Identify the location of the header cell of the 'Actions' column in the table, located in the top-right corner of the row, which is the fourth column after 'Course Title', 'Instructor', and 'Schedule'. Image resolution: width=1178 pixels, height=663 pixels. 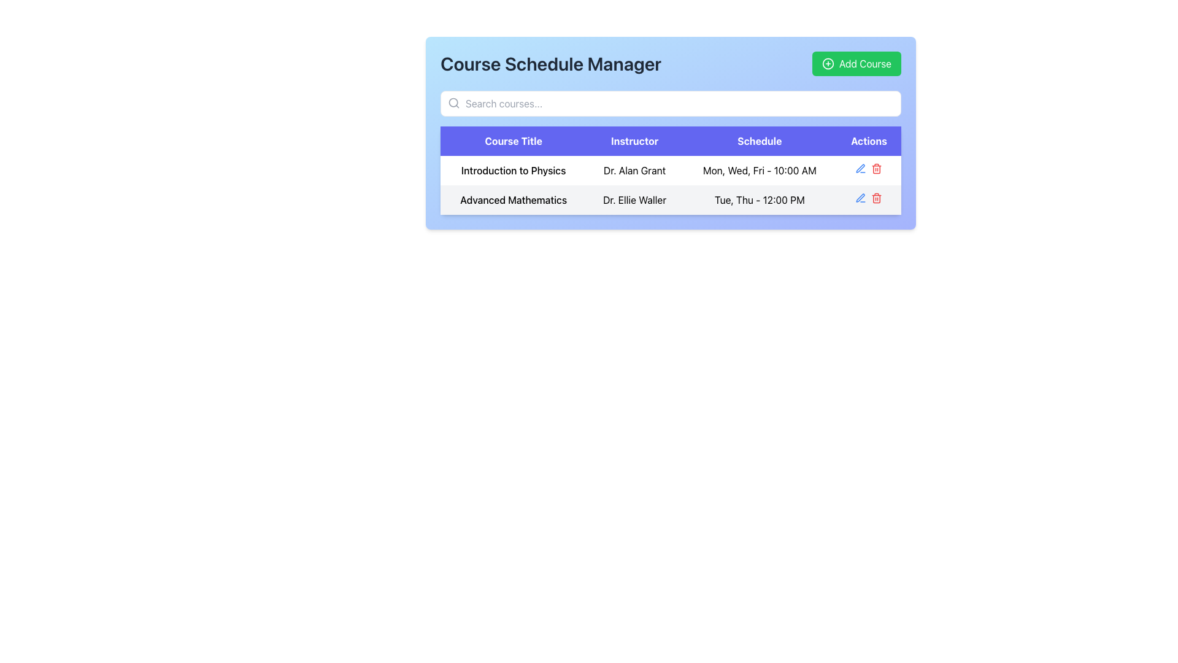
(868, 141).